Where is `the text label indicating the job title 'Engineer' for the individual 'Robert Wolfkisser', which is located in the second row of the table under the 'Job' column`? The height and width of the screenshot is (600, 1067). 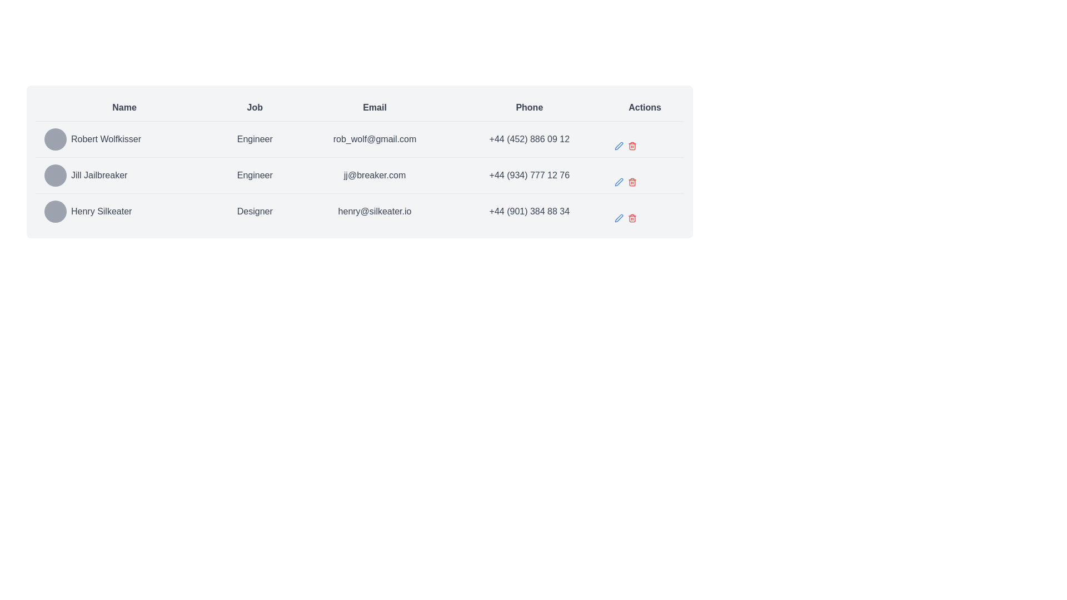 the text label indicating the job title 'Engineer' for the individual 'Robert Wolfkisser', which is located in the second row of the table under the 'Job' column is located at coordinates (254, 138).